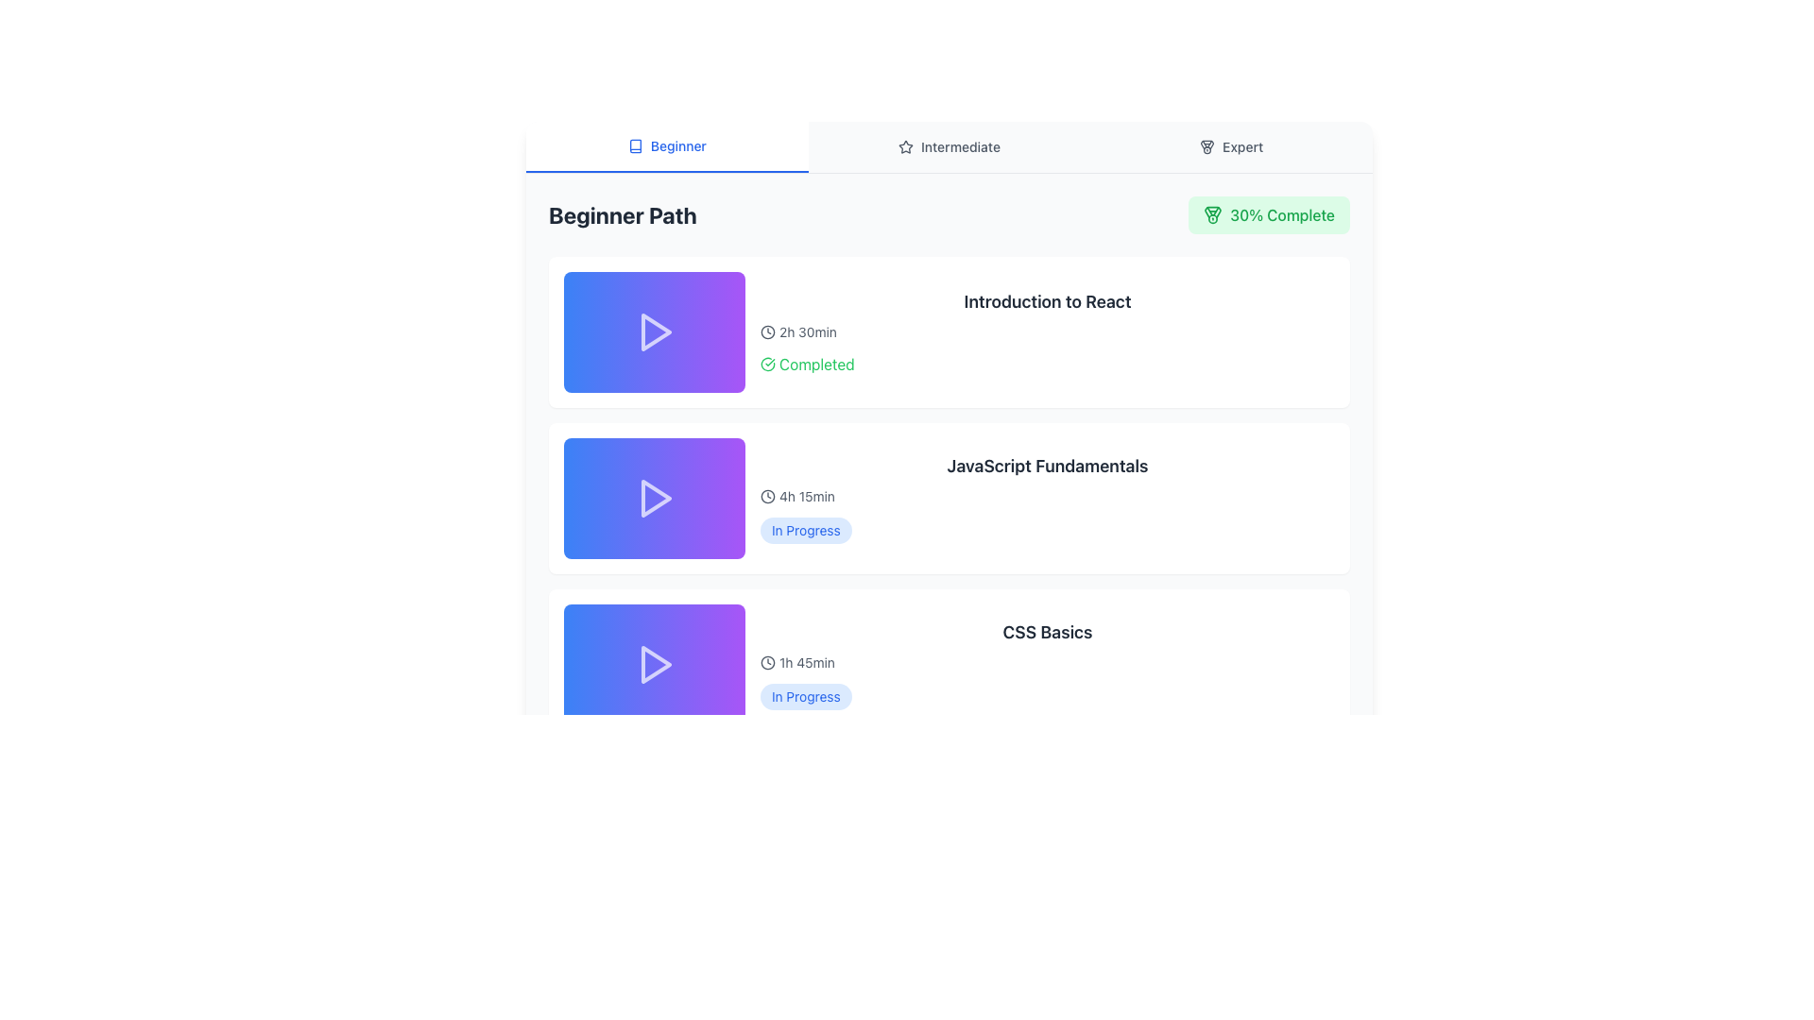 This screenshot has width=1814, height=1020. What do you see at coordinates (1282, 213) in the screenshot?
I see `the text label displaying '30% Complete' styled in green font, located in the top-right corner of the UI` at bounding box center [1282, 213].